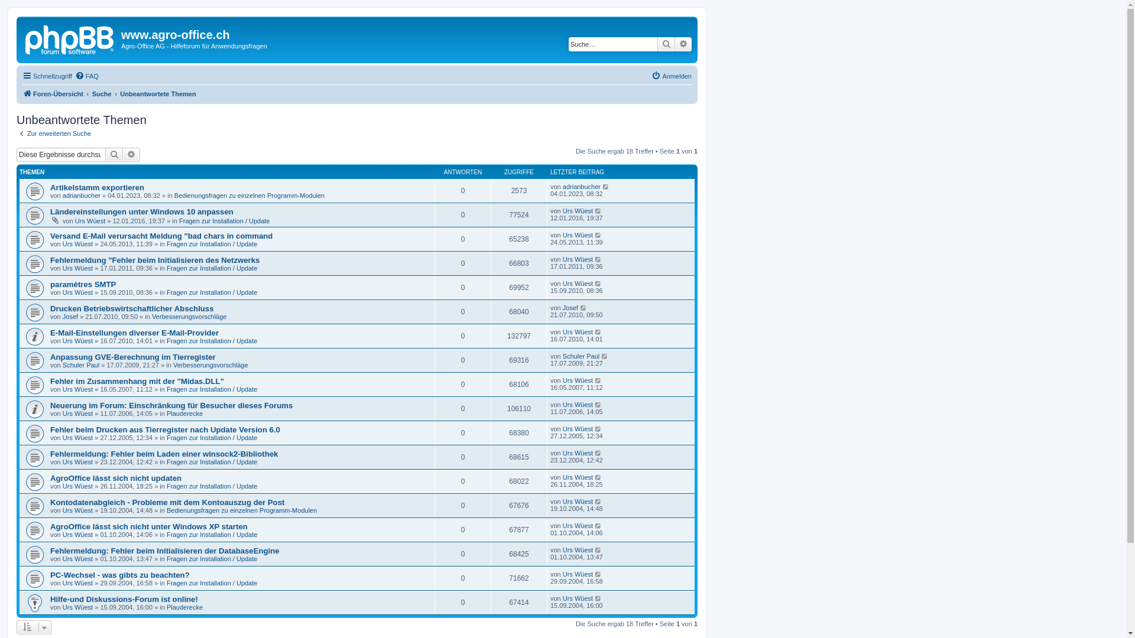  Describe the element at coordinates (598, 574) in the screenshot. I see `'Gehe zum letzten Beitrag'` at that location.